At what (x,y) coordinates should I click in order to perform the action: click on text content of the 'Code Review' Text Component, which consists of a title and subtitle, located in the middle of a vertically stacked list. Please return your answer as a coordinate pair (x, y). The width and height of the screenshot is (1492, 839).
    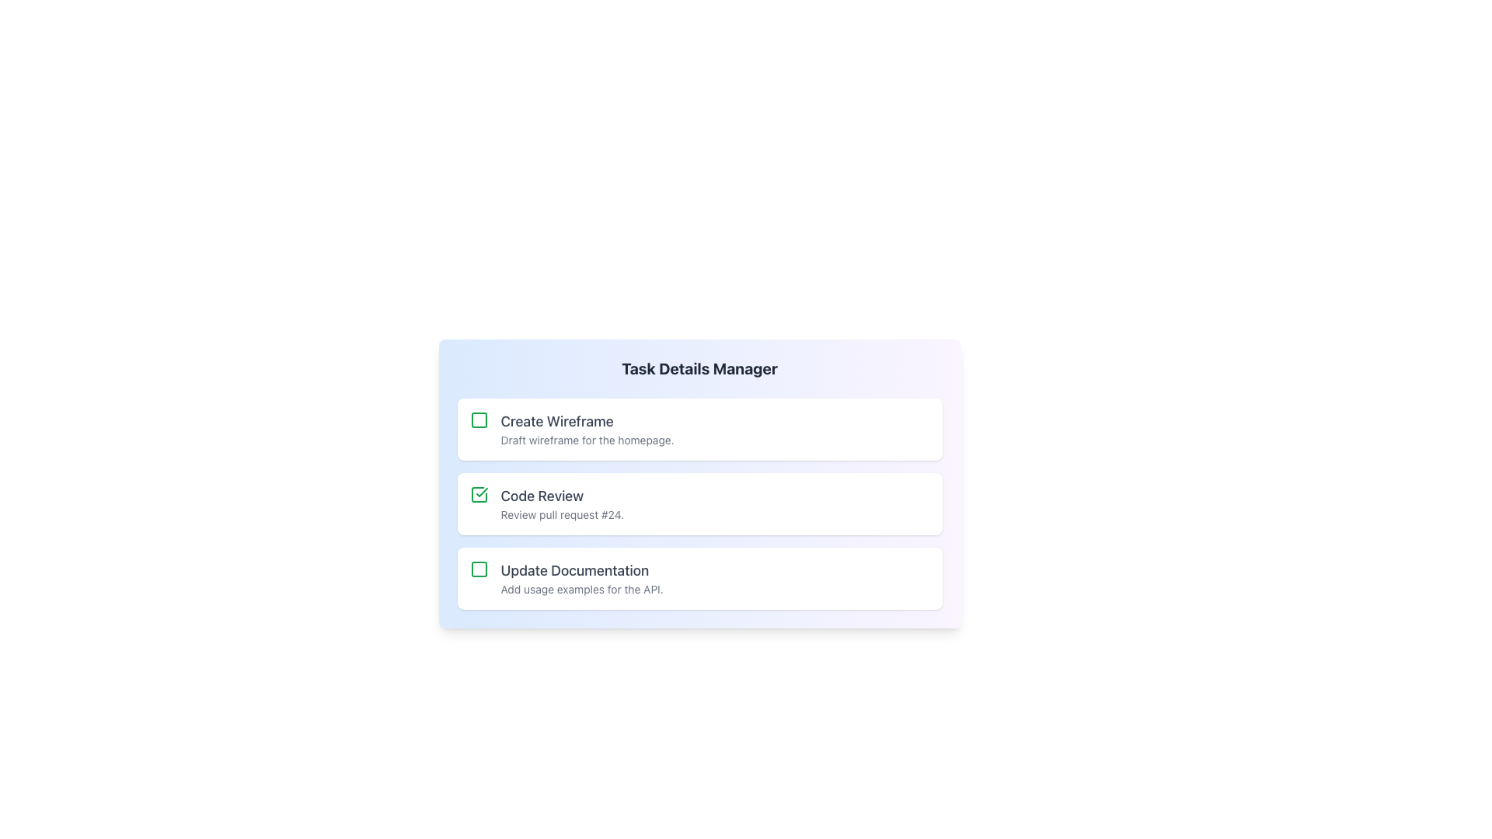
    Looking at the image, I should click on (561, 503).